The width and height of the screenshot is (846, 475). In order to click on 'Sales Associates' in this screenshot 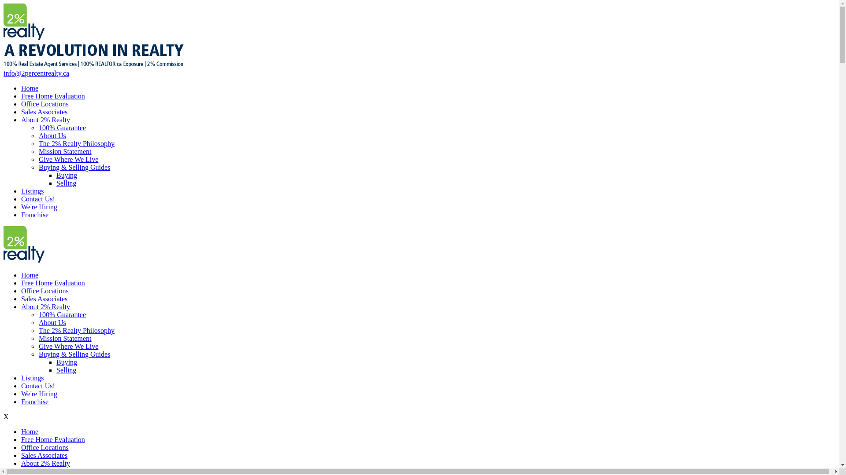, I will do `click(44, 455)`.